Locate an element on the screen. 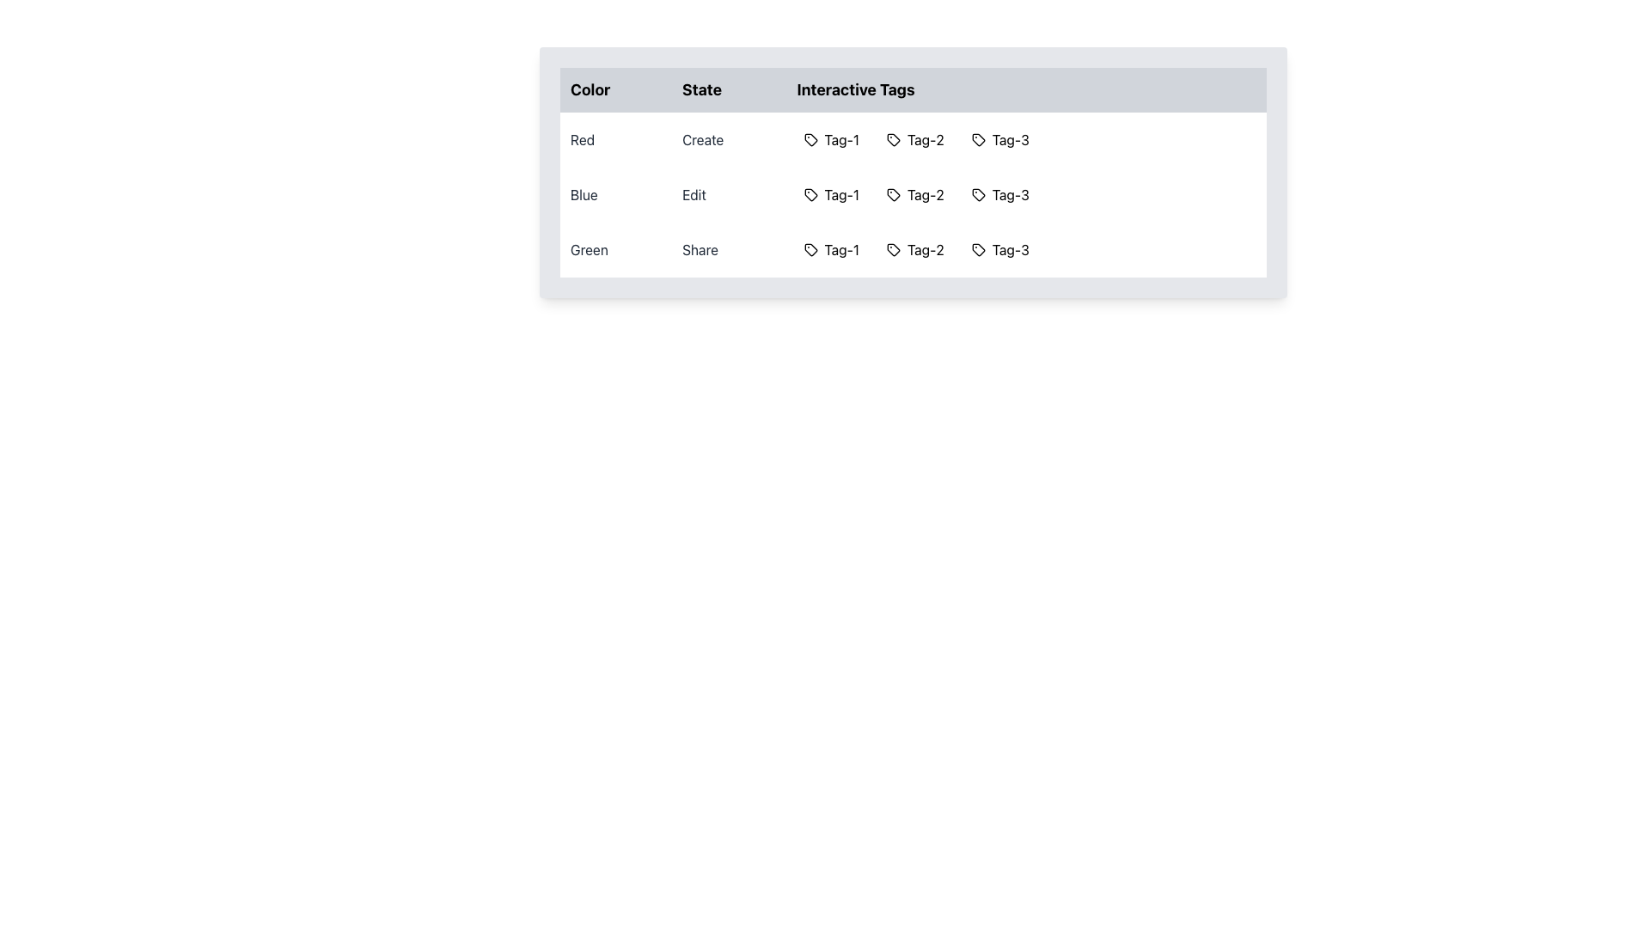 This screenshot has height=928, width=1650. the specific tag within the 'Interactive Tags' column of the table that has three rows for Red, Blue, and Green colors is located at coordinates (912, 172).